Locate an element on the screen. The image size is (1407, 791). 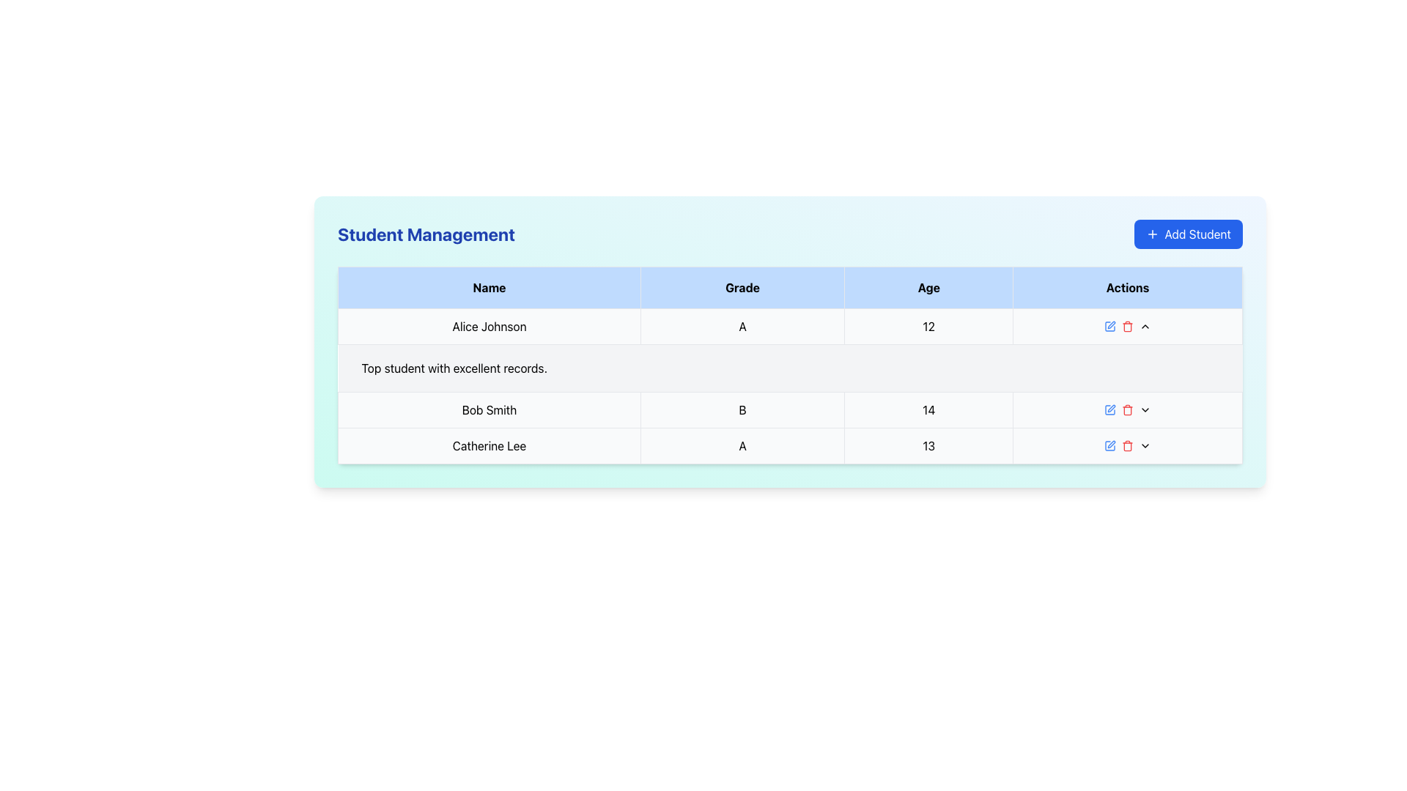
the table cell that represents the grade 'A' received by the student 'Catherine Lee' in the 'Grade' column of the last row is located at coordinates (742, 445).